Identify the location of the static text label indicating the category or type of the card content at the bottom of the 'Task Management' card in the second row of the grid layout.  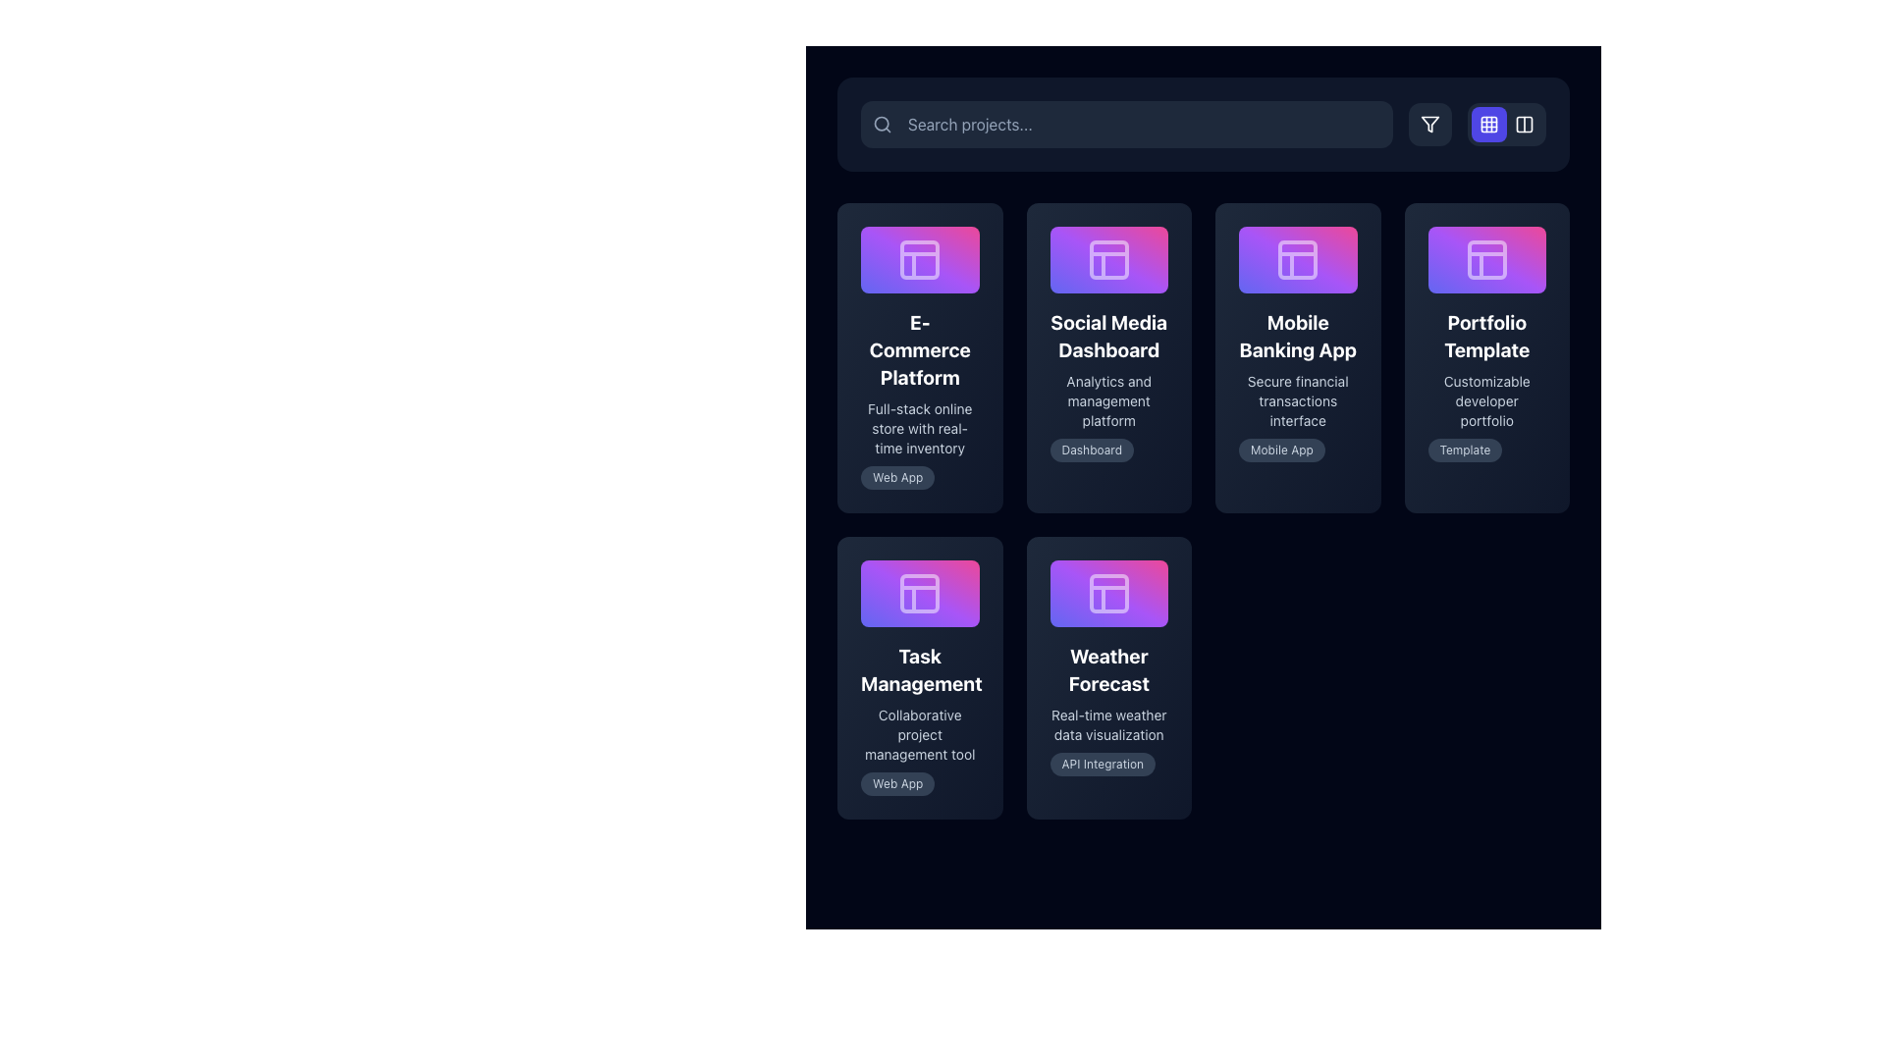
(896, 782).